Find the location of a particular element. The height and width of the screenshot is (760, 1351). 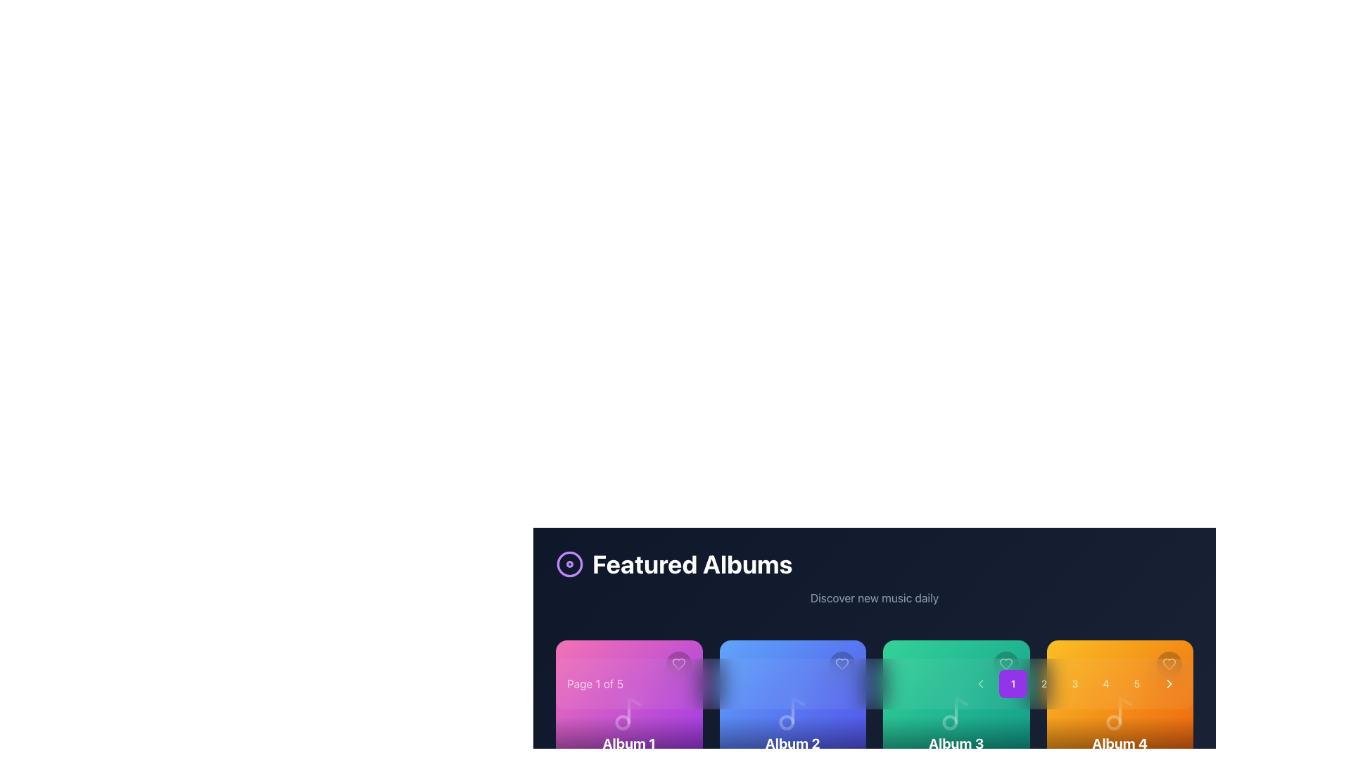

the third button in the pagination system located at the bottom center of the interface is located at coordinates (1074, 683).